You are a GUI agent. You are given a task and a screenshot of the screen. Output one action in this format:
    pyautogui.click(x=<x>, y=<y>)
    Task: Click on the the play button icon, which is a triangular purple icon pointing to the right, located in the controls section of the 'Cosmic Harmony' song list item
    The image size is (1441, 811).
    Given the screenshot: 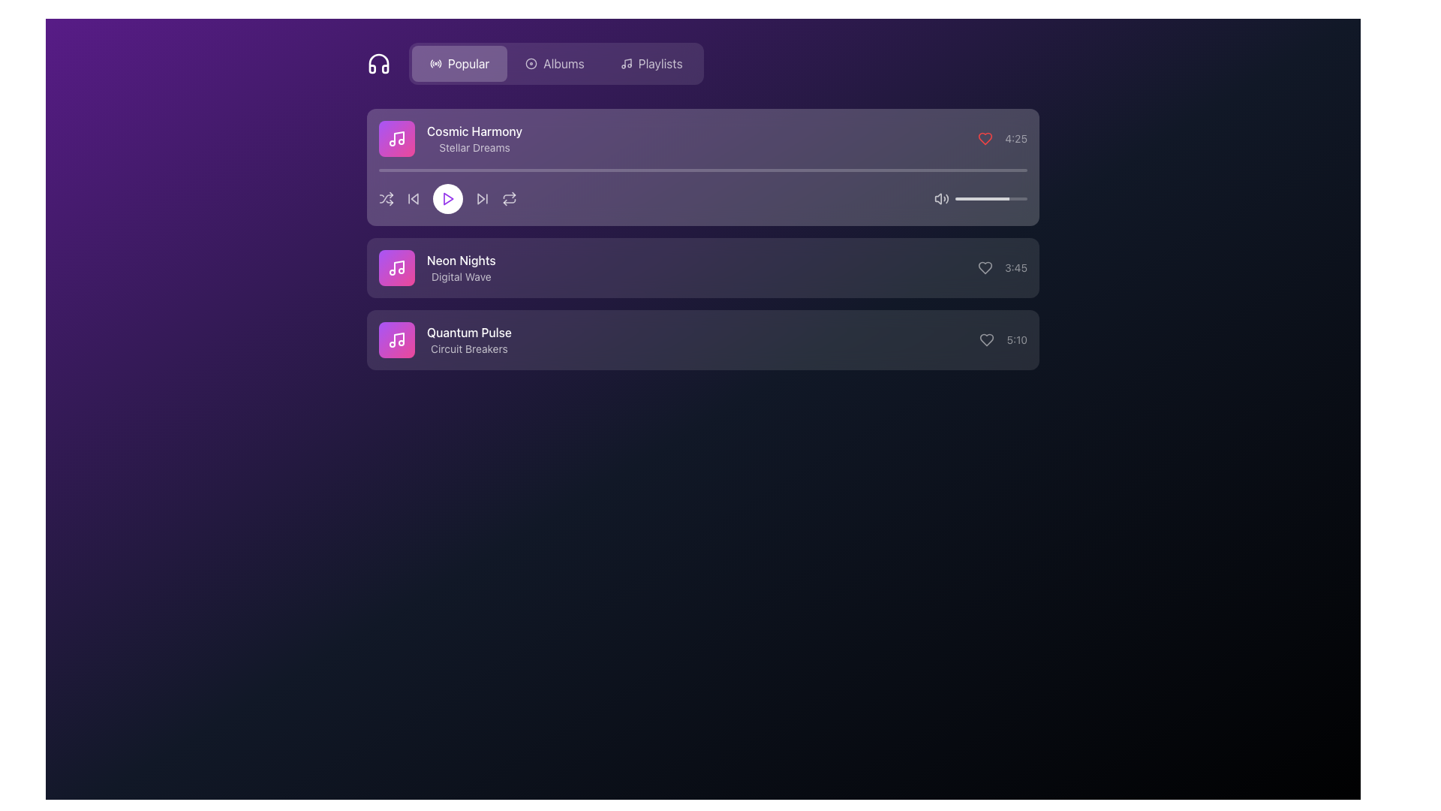 What is the action you would take?
    pyautogui.click(x=447, y=198)
    